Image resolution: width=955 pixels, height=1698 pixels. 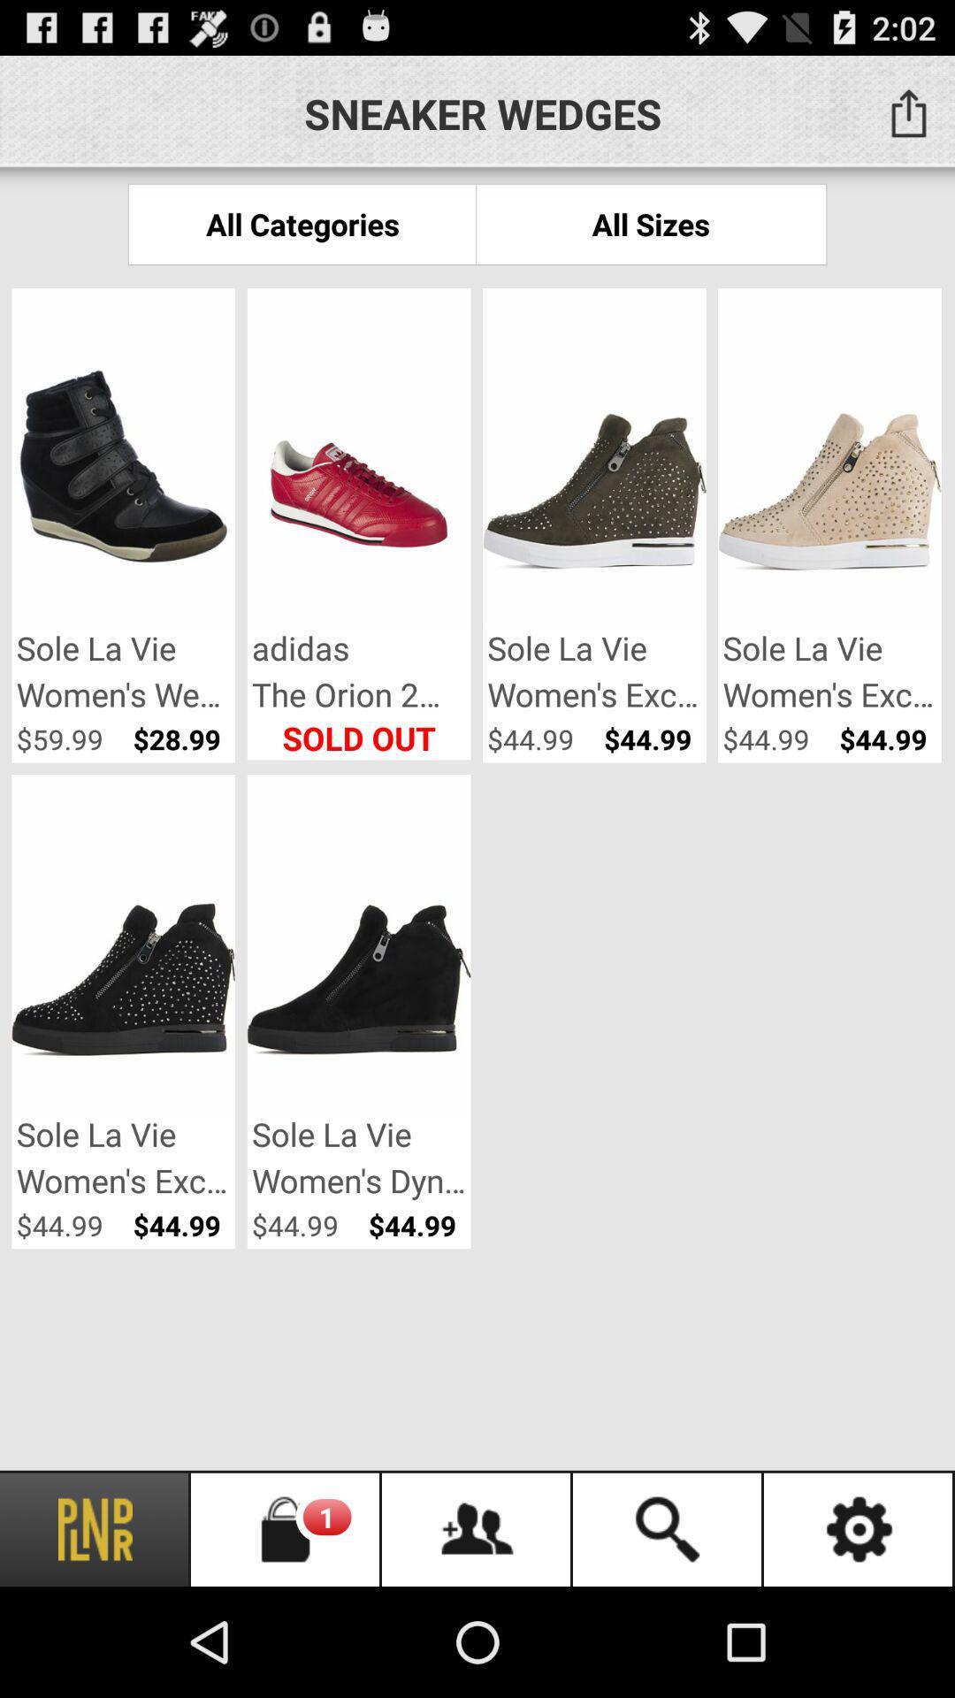 I want to click on the all categories item, so click(x=302, y=223).